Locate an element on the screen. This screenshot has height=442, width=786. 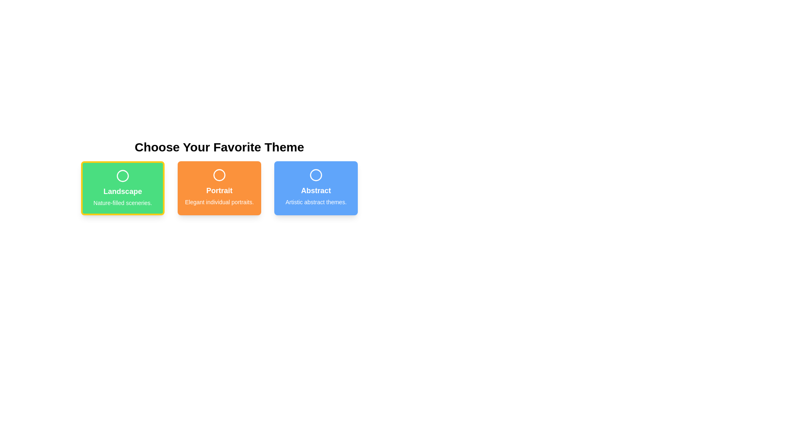
the central circular shape within the blue card labeled 'Abstract', which is the rightmost card in a three-card layout is located at coordinates (316, 175).